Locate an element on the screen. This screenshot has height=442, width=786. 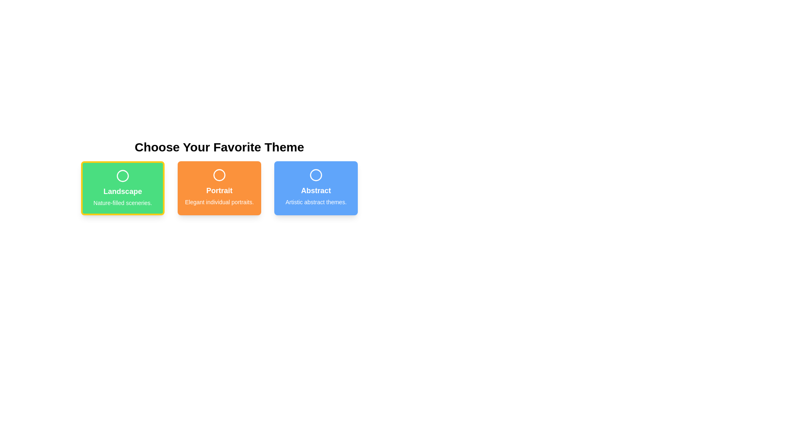
the central circular shape within the blue card labeled 'Abstract', which is the rightmost card in a three-card layout is located at coordinates (316, 175).